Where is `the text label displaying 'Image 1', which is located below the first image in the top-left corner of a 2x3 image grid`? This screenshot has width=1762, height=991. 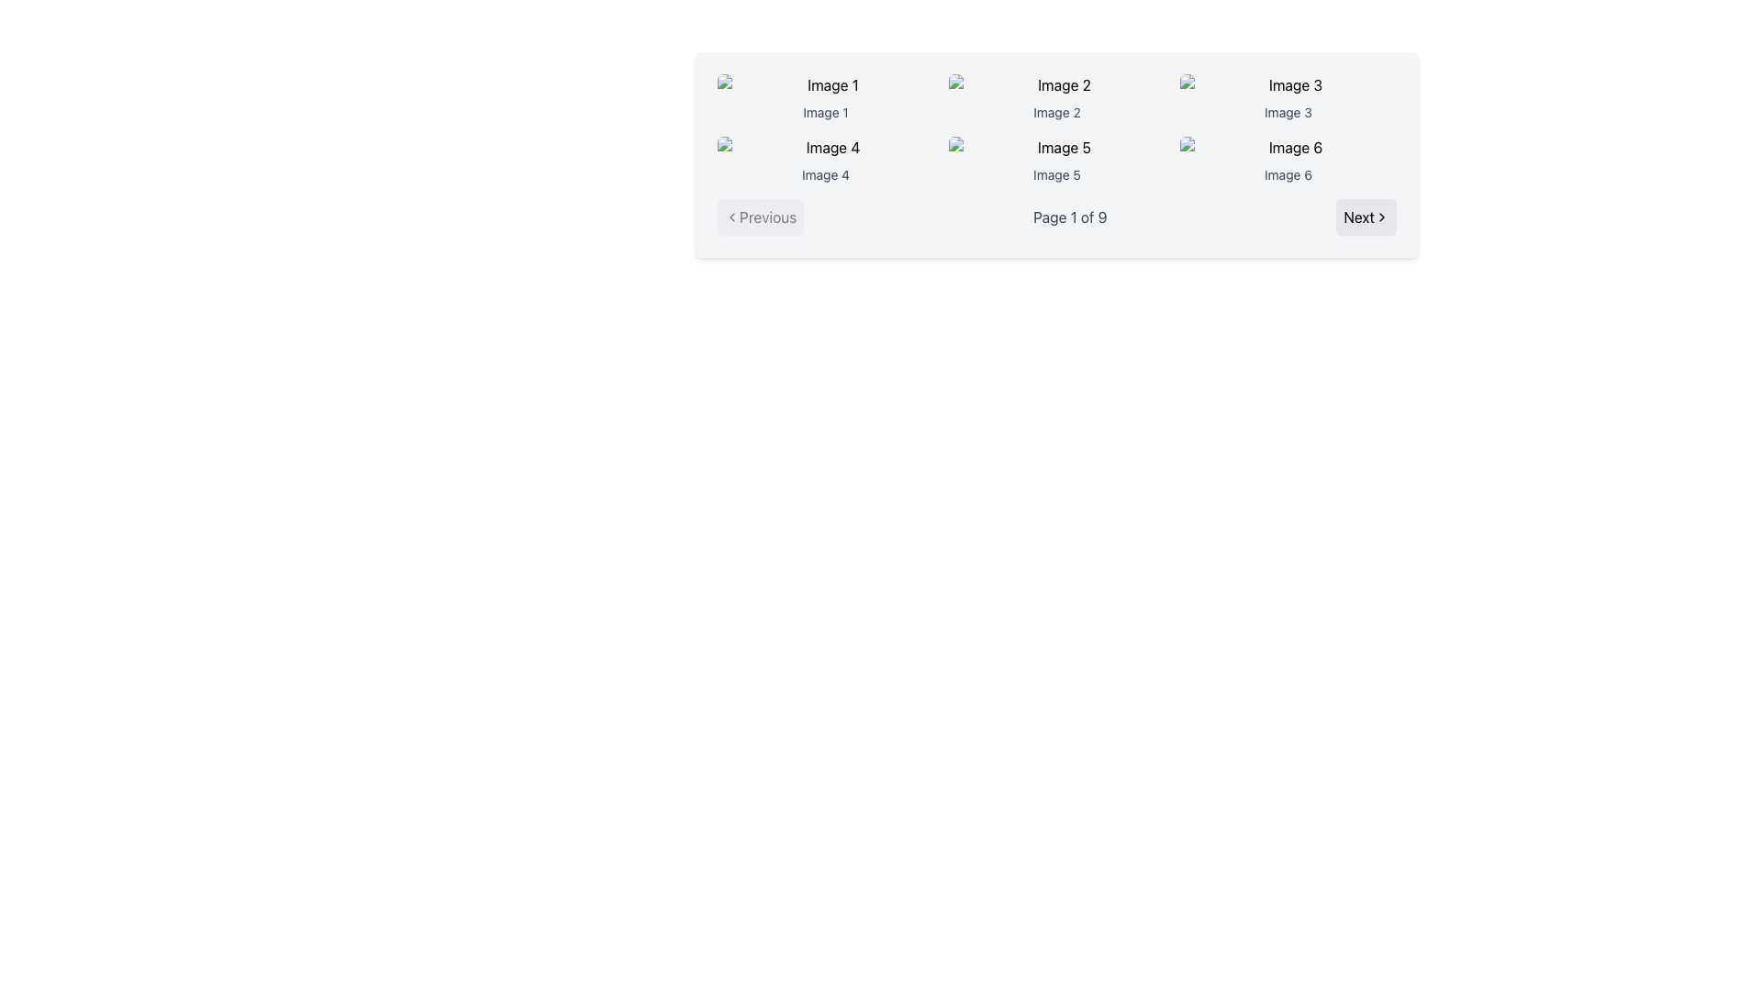
the text label displaying 'Image 1', which is located below the first image in the top-left corner of a 2x3 image grid is located at coordinates (825, 113).